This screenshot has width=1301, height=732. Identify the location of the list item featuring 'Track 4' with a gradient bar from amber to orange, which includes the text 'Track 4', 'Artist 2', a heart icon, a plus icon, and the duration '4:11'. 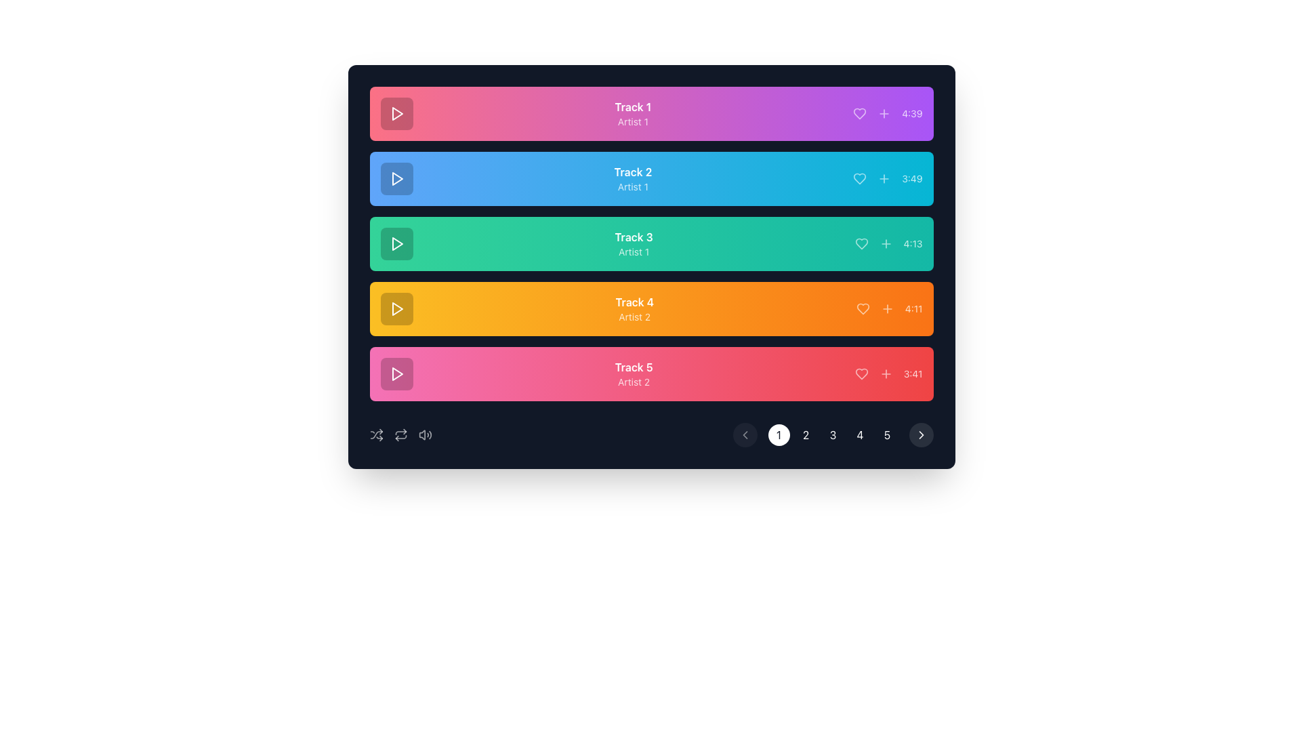
(651, 308).